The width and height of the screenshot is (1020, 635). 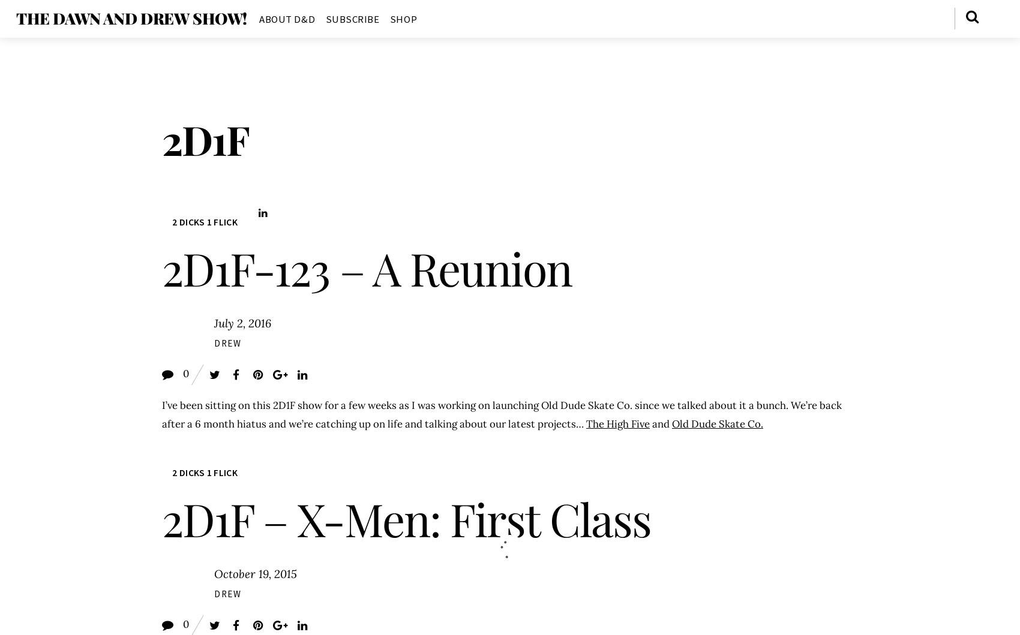 What do you see at coordinates (205, 139) in the screenshot?
I see `'2D1F'` at bounding box center [205, 139].